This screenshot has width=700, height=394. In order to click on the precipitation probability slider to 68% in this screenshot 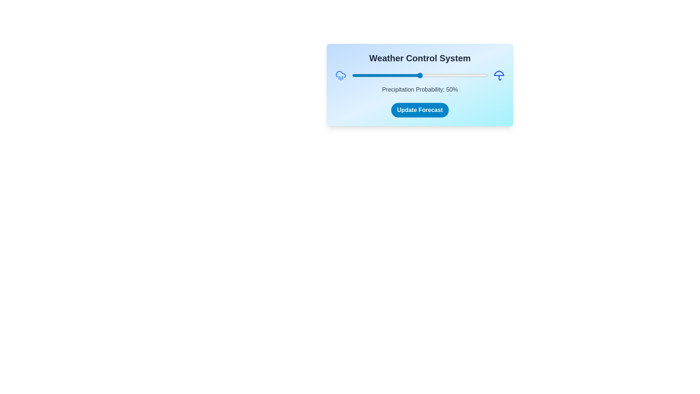, I will do `click(444, 76)`.